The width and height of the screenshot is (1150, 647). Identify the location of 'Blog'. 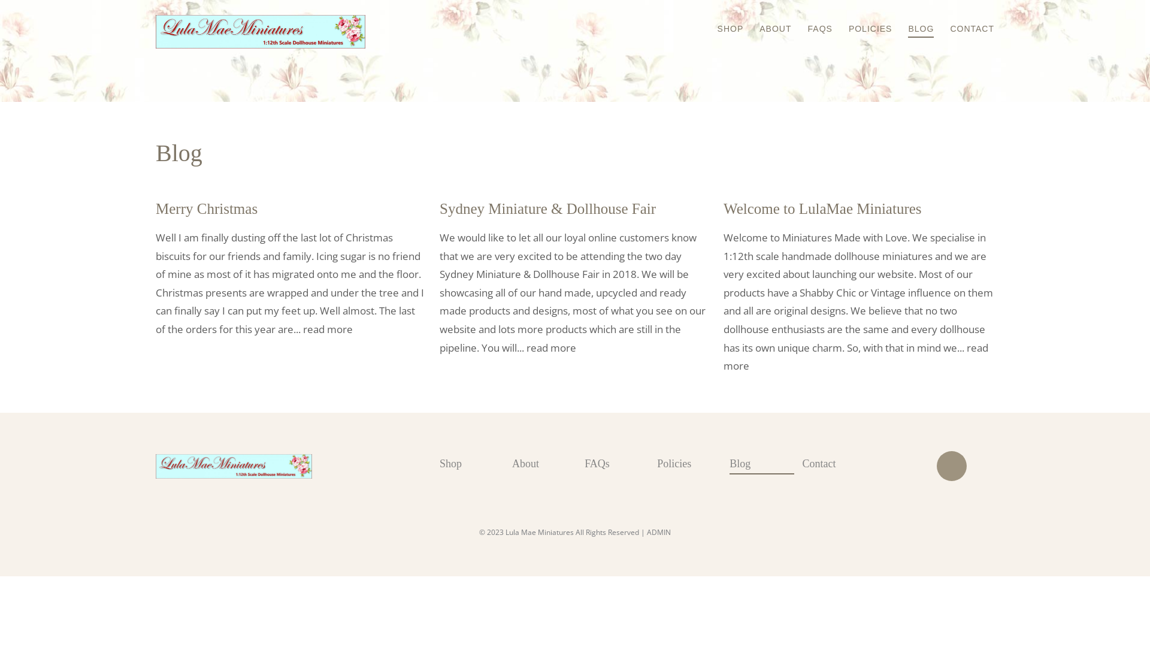
(765, 464).